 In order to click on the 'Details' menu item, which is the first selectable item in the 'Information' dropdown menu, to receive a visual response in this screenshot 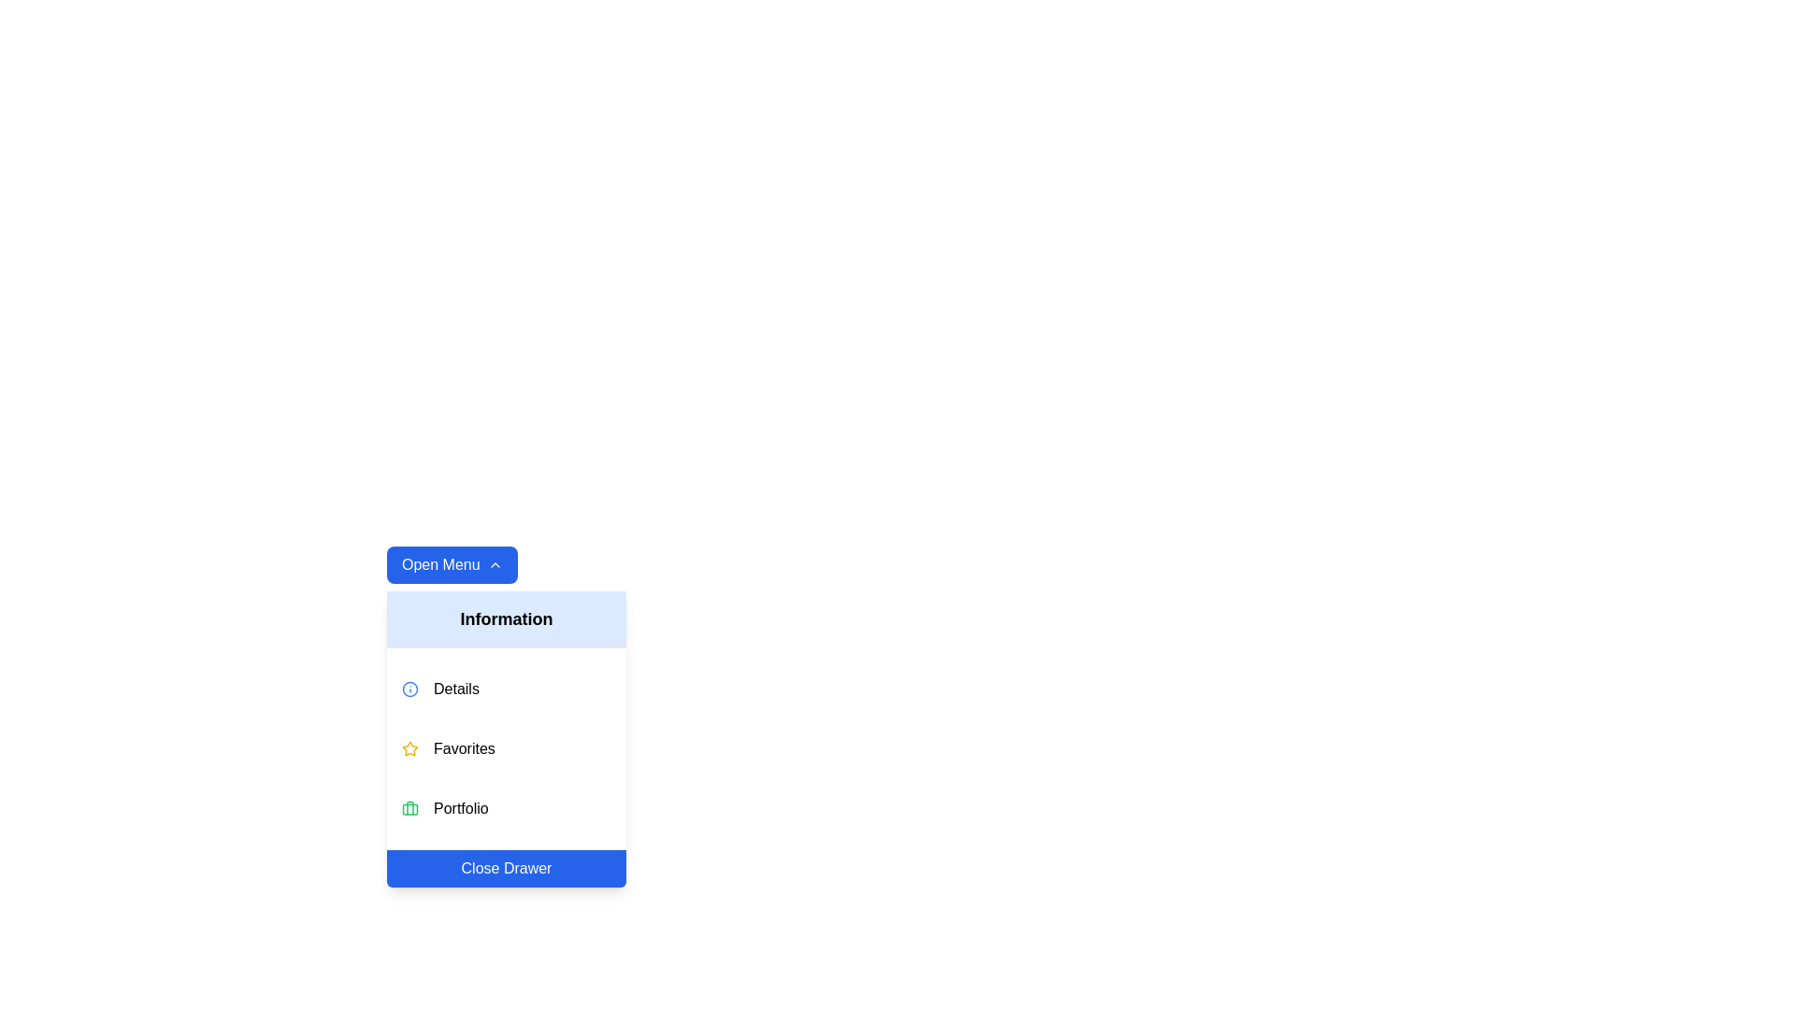, I will do `click(507, 689)`.